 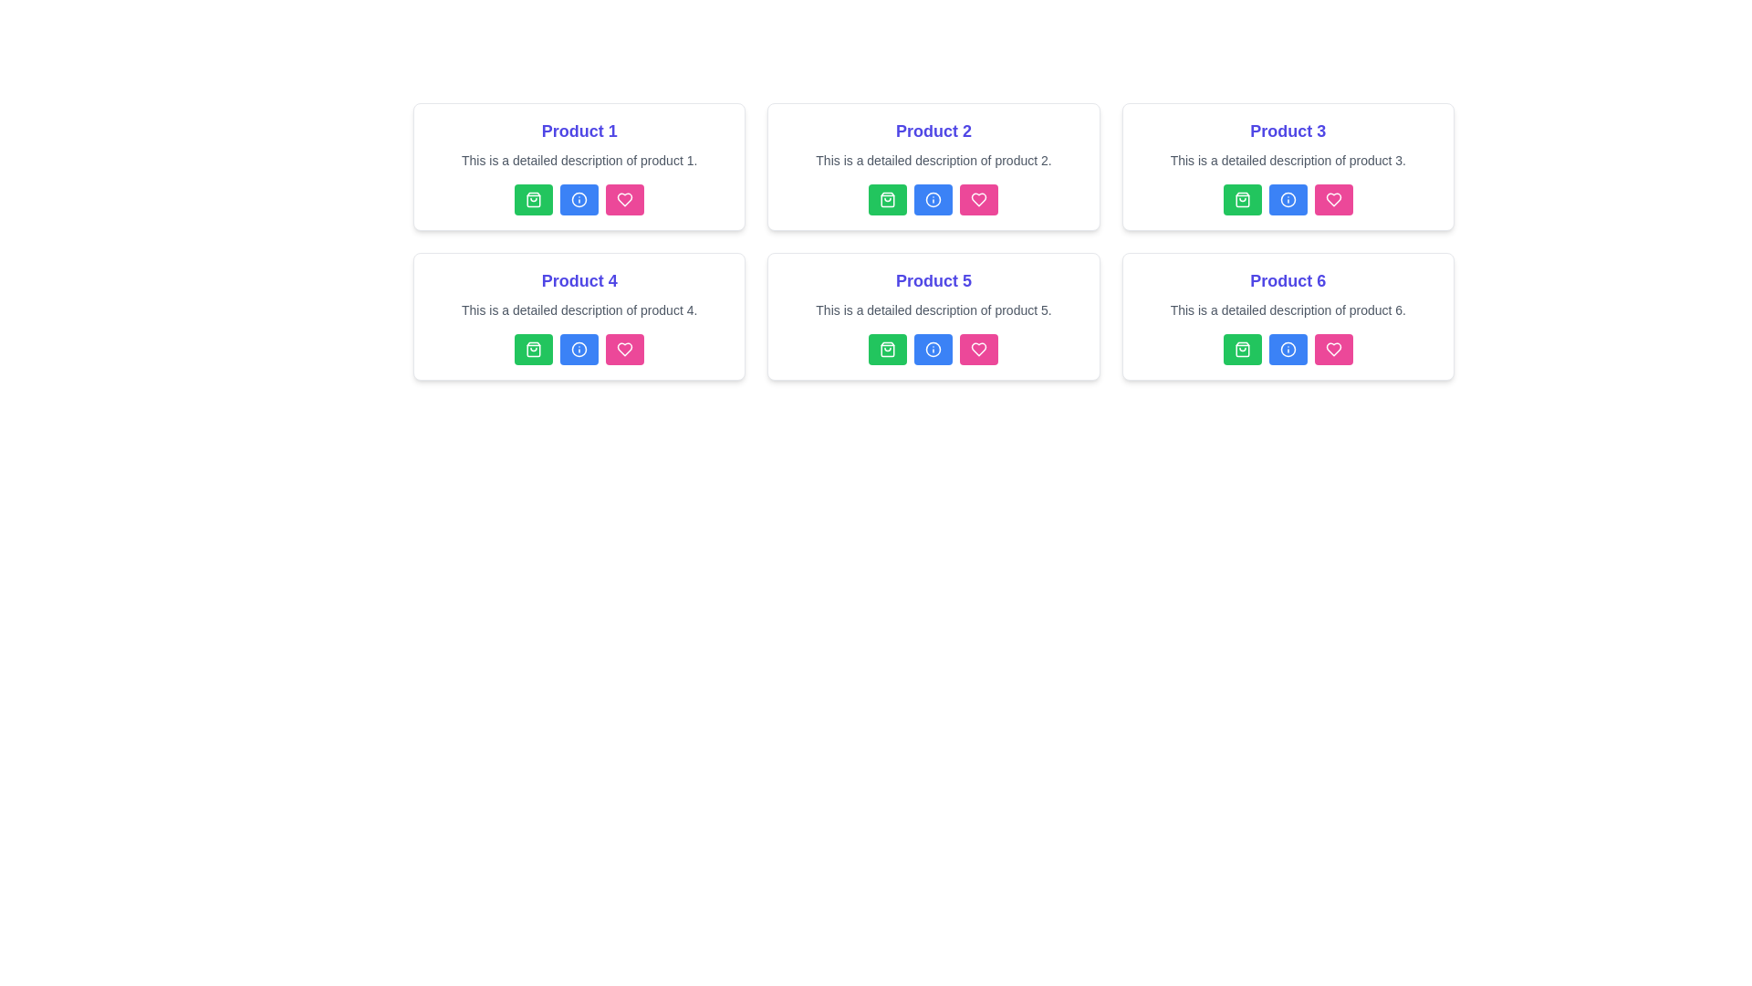 What do you see at coordinates (933, 349) in the screenshot?
I see `the circular 'info' icon embedded in the 'Product 5' section, which is the middle icon among three visual actions` at bounding box center [933, 349].